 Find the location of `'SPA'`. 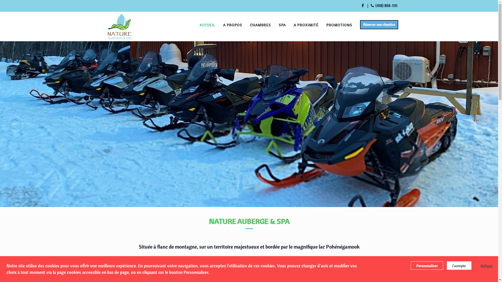

'SPA' is located at coordinates (282, 25).